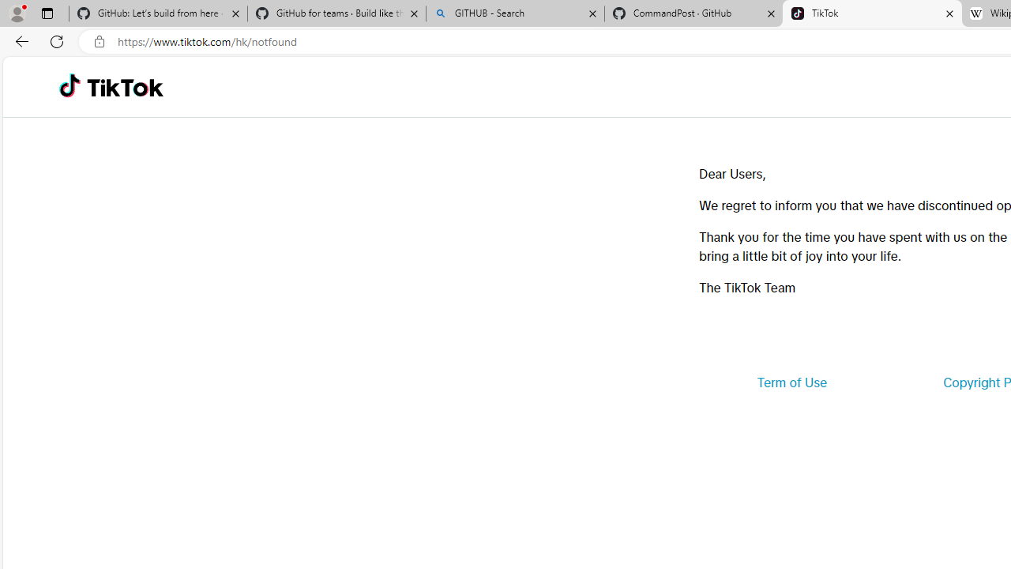 The height and width of the screenshot is (569, 1011). I want to click on 'GITHUB - Search', so click(515, 13).